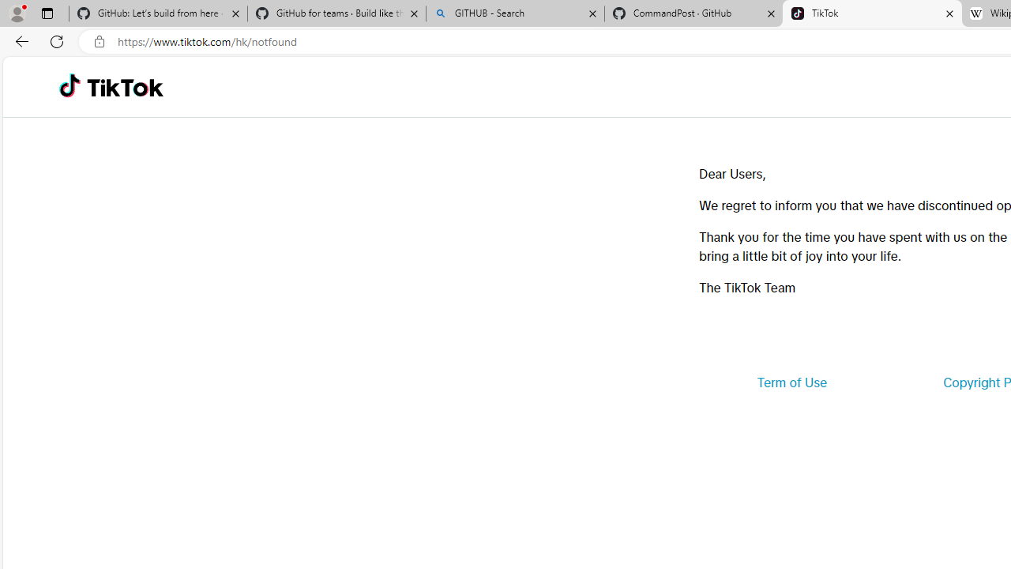 The height and width of the screenshot is (569, 1011). I want to click on 'GITHUB - Search', so click(515, 13).